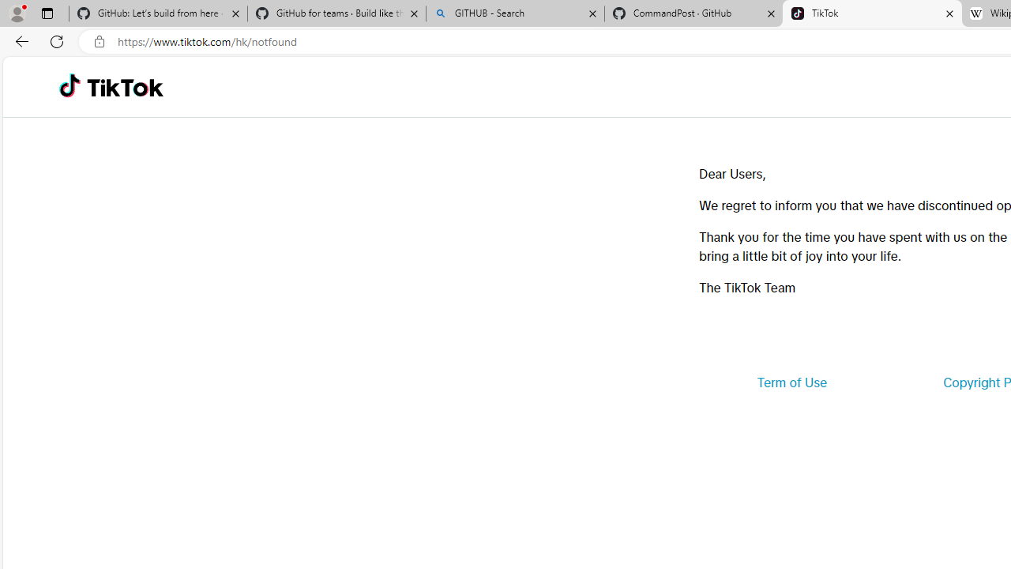 The height and width of the screenshot is (569, 1011). I want to click on 'GITHUB - Search', so click(515, 13).